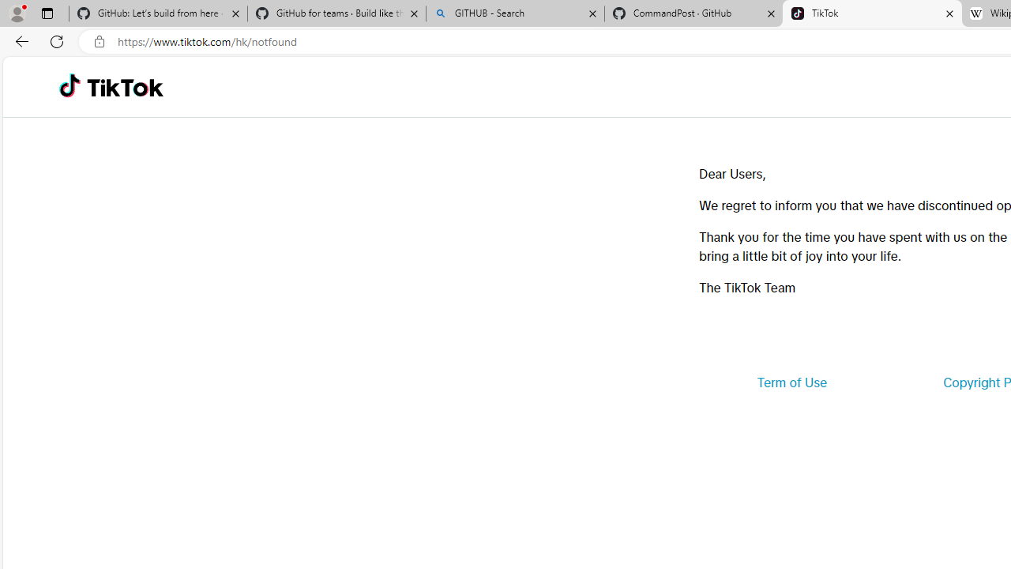 The height and width of the screenshot is (569, 1011). I want to click on 'GITHUB - Search', so click(515, 13).